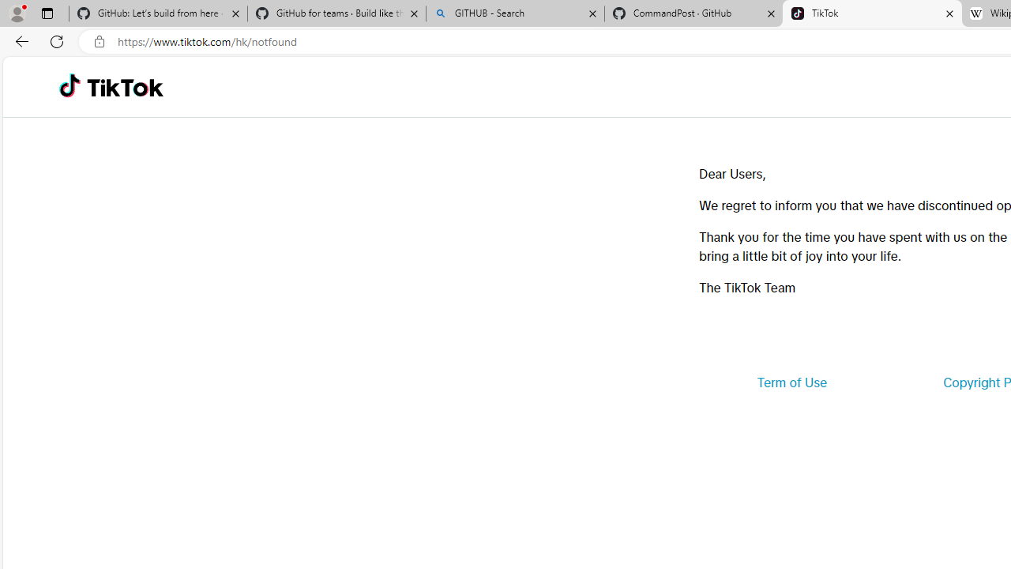 The height and width of the screenshot is (569, 1011). I want to click on 'GITHUB - Search', so click(515, 13).